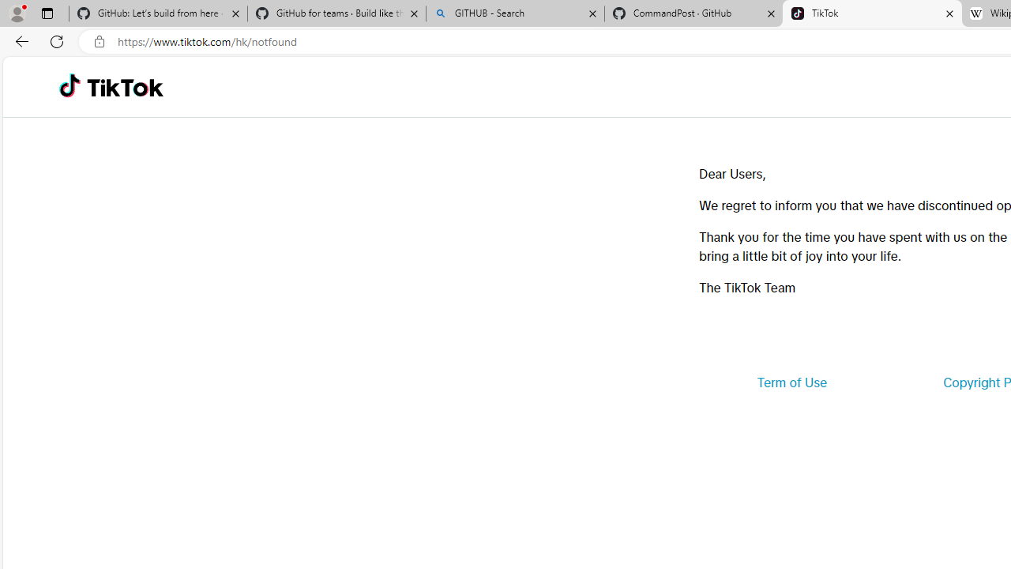 The height and width of the screenshot is (569, 1011). I want to click on 'GITHUB - Search', so click(515, 13).